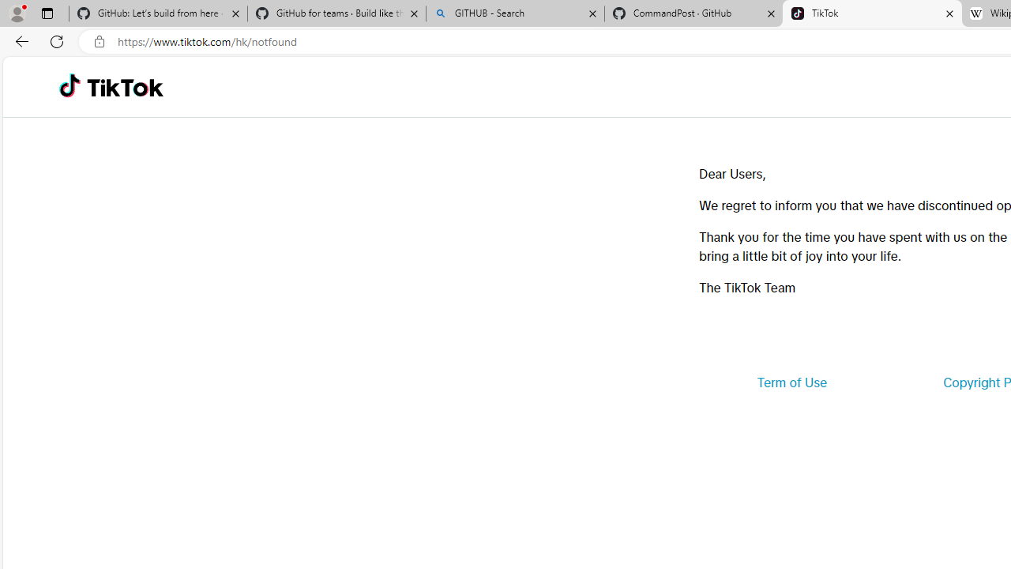 The height and width of the screenshot is (569, 1011). I want to click on 'GITHUB - Search', so click(515, 13).